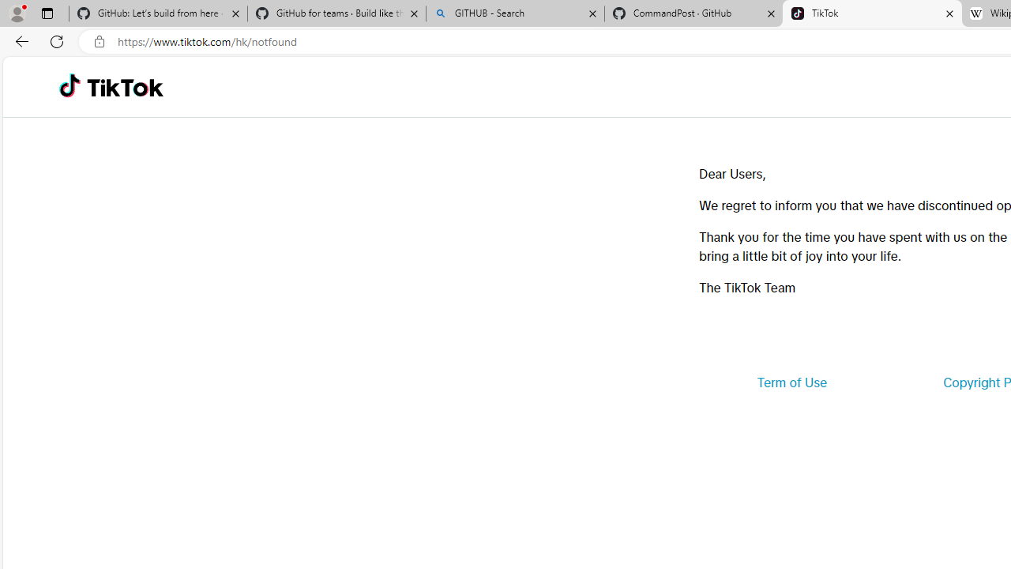 The height and width of the screenshot is (569, 1011). I want to click on 'GITHUB - Search', so click(515, 13).